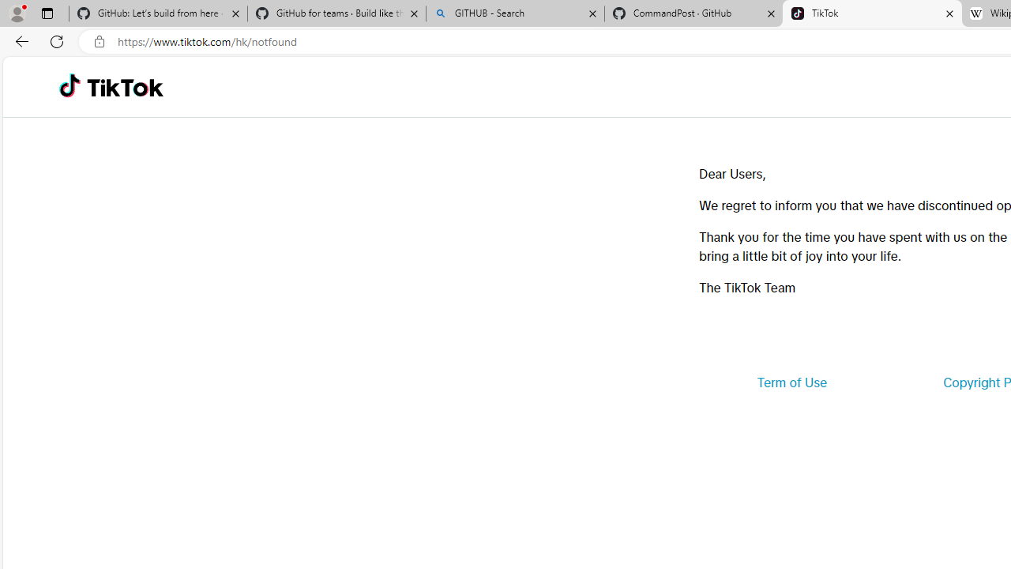 The height and width of the screenshot is (569, 1011). I want to click on 'GITHUB - Search', so click(515, 13).